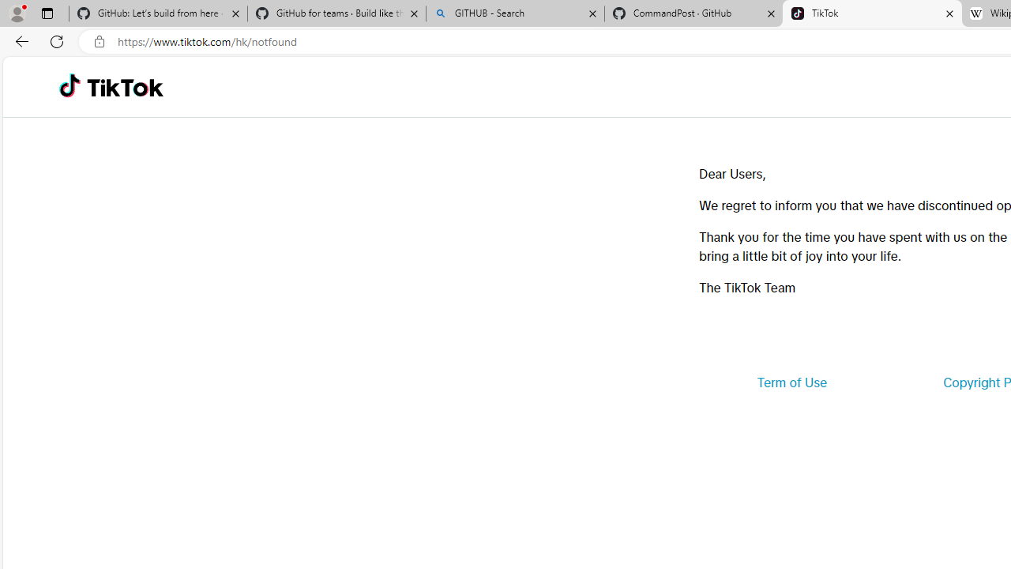 The height and width of the screenshot is (569, 1011). I want to click on 'GITHUB - Search', so click(515, 13).